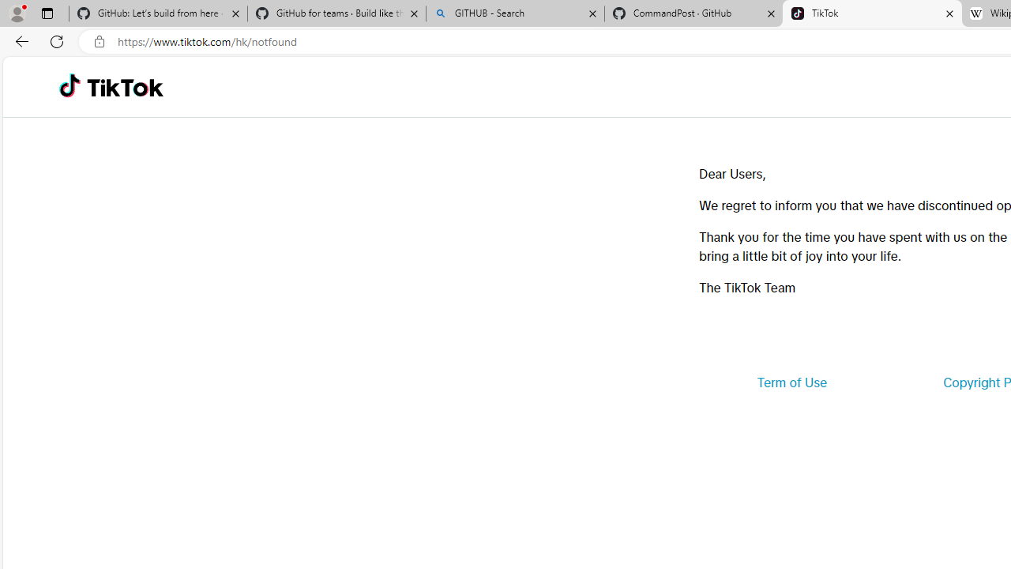 The height and width of the screenshot is (569, 1011). I want to click on 'GITHUB - Search', so click(515, 13).